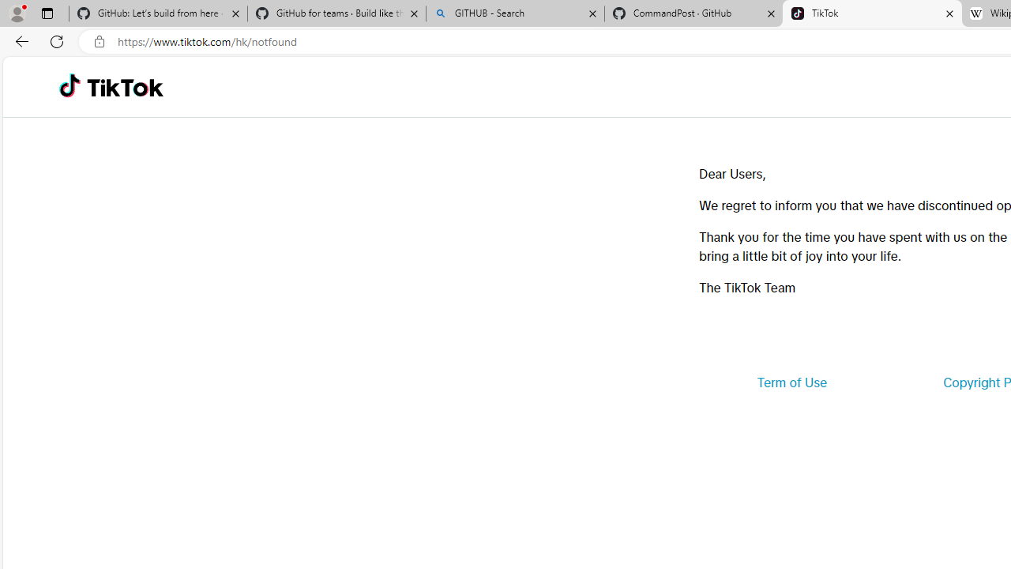 The height and width of the screenshot is (569, 1011). I want to click on 'GITHUB - Search', so click(515, 13).